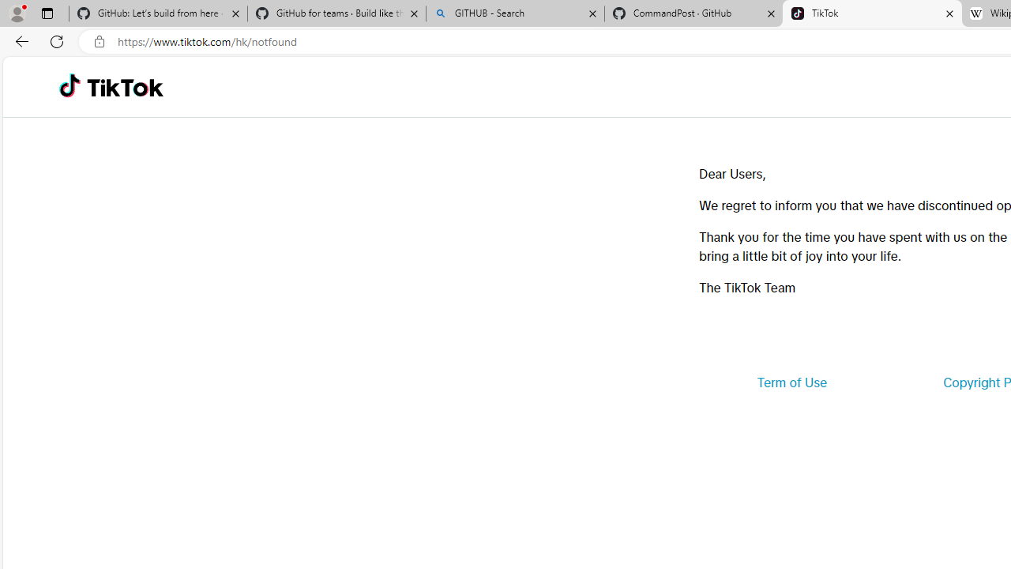 The height and width of the screenshot is (569, 1011). I want to click on 'GITHUB - Search', so click(515, 13).